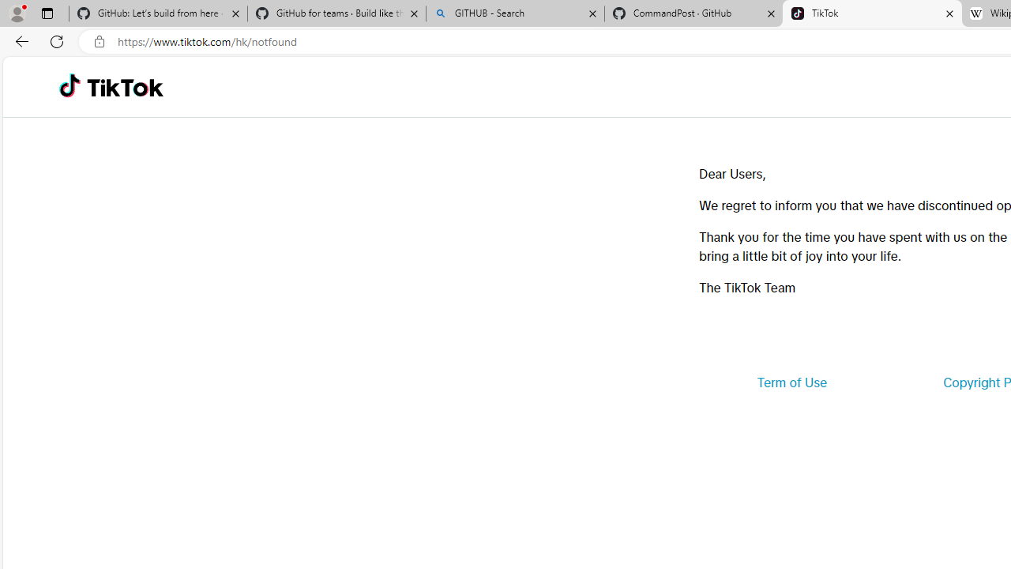 The height and width of the screenshot is (569, 1011). I want to click on 'GITHUB - Search', so click(515, 13).